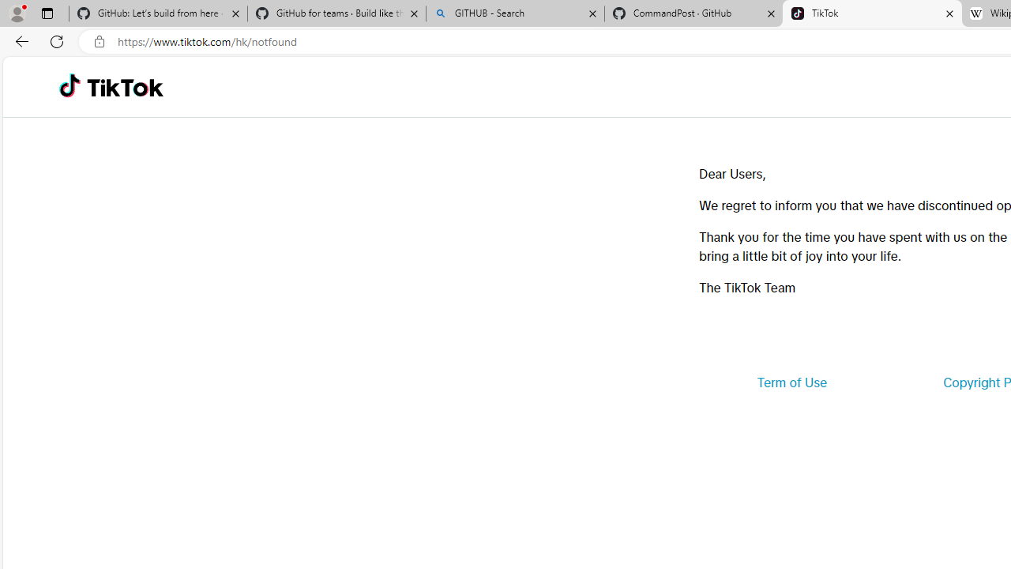 The height and width of the screenshot is (569, 1011). I want to click on 'GITHUB - Search', so click(515, 13).